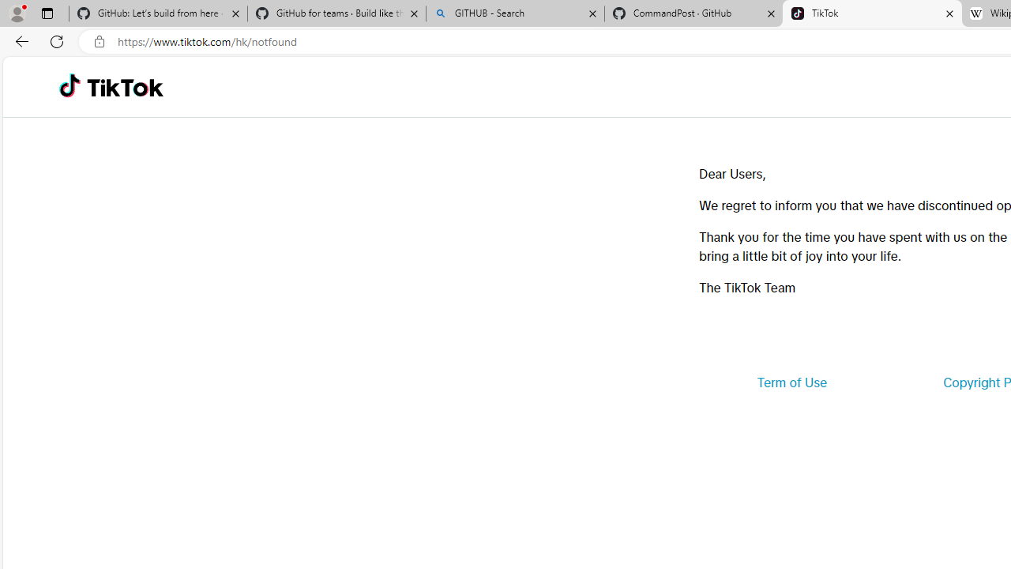 The height and width of the screenshot is (569, 1011). I want to click on 'GITHUB - Search', so click(515, 13).